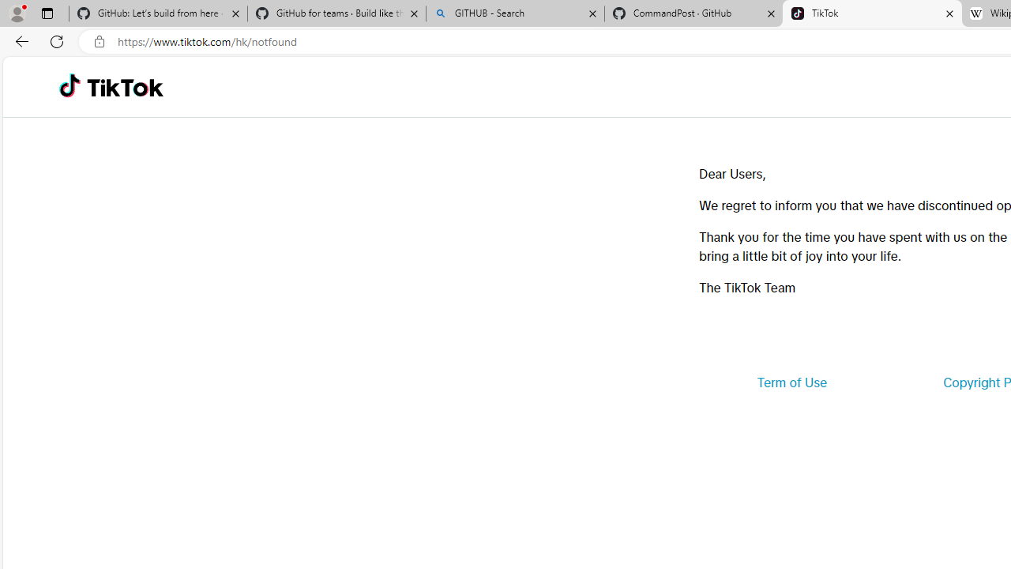 The height and width of the screenshot is (569, 1011). I want to click on 'GITHUB - Search', so click(515, 13).